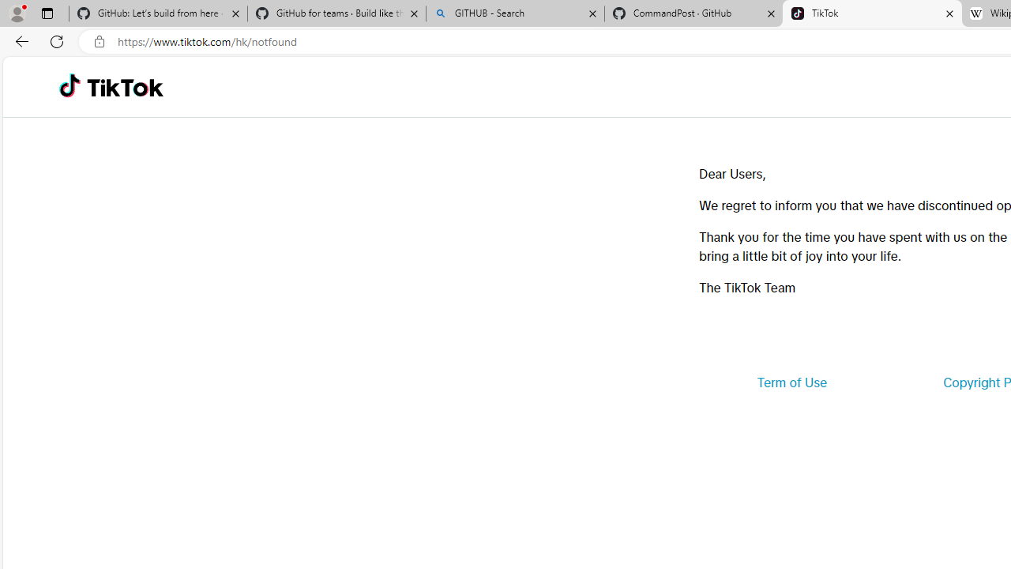 The height and width of the screenshot is (569, 1011). I want to click on 'GITHUB - Search', so click(515, 13).